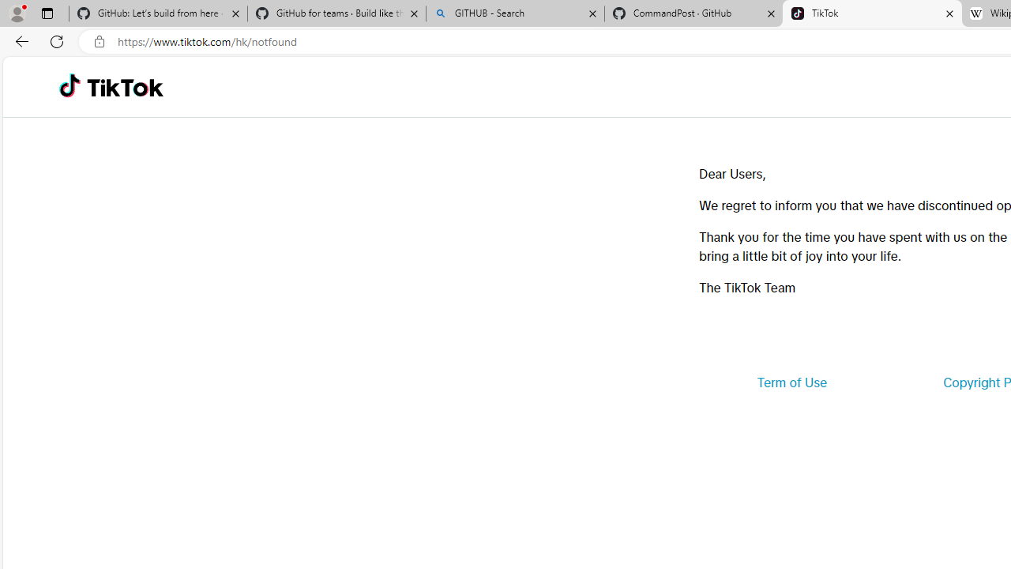 The height and width of the screenshot is (569, 1011). I want to click on 'GITHUB - Search', so click(515, 13).